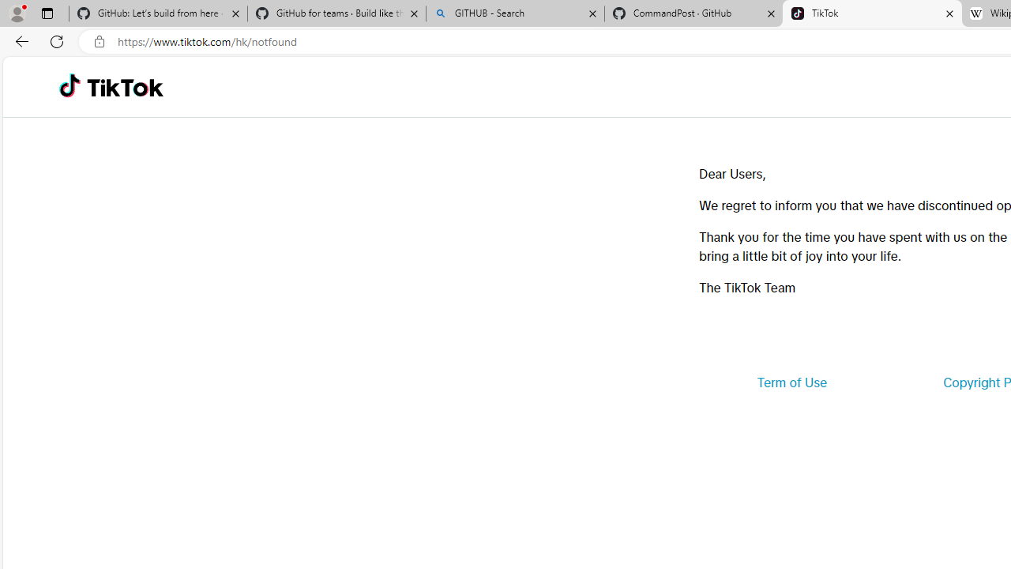 The height and width of the screenshot is (569, 1011). I want to click on 'GITHUB - Search', so click(515, 13).